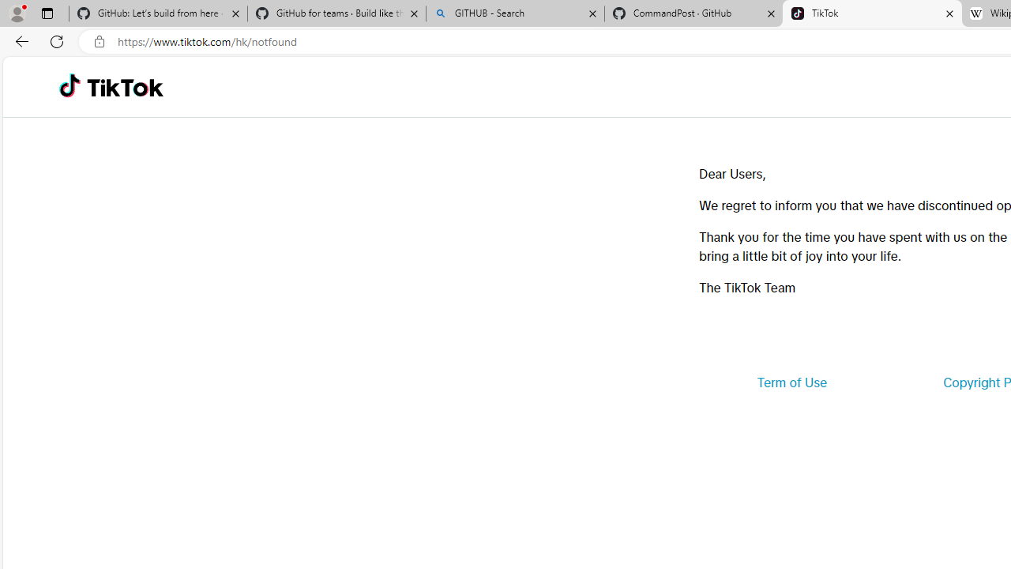 The height and width of the screenshot is (569, 1011). I want to click on 'GITHUB - Search', so click(515, 13).